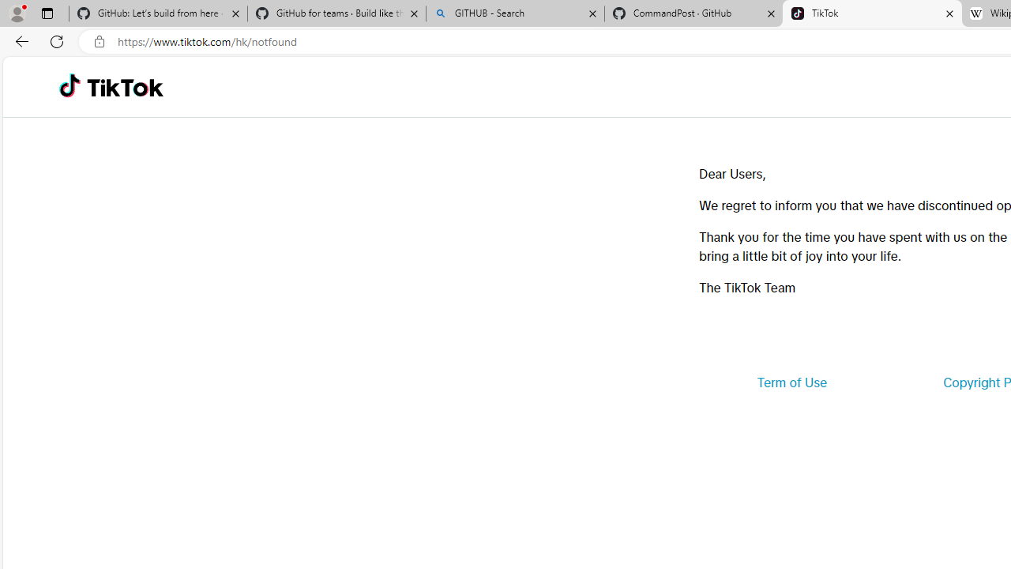 The height and width of the screenshot is (569, 1011). I want to click on 'GITHUB - Search', so click(515, 13).